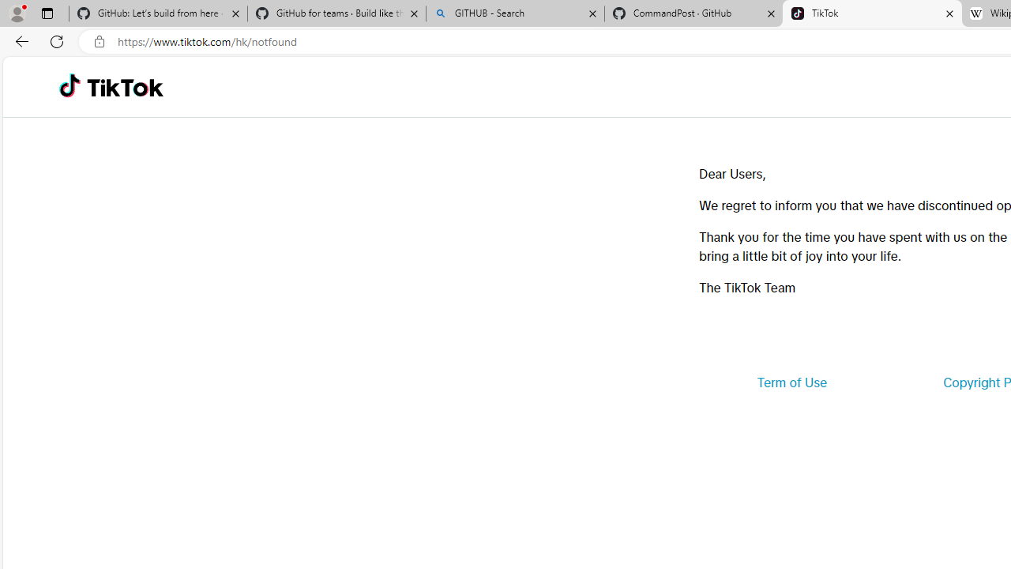 The height and width of the screenshot is (569, 1011). I want to click on 'GITHUB - Search', so click(515, 13).